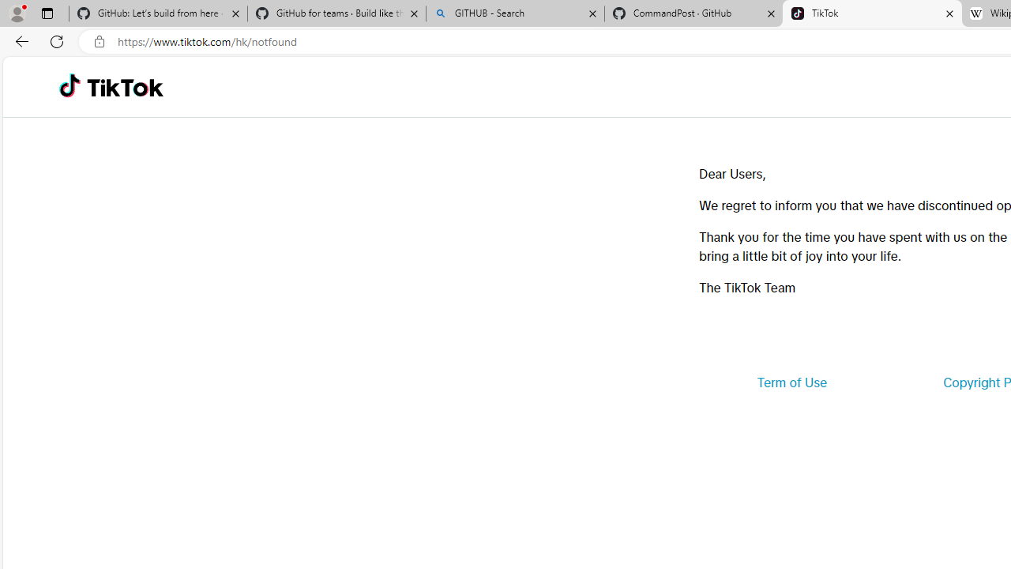 The height and width of the screenshot is (569, 1011). I want to click on 'GITHUB - Search', so click(515, 13).